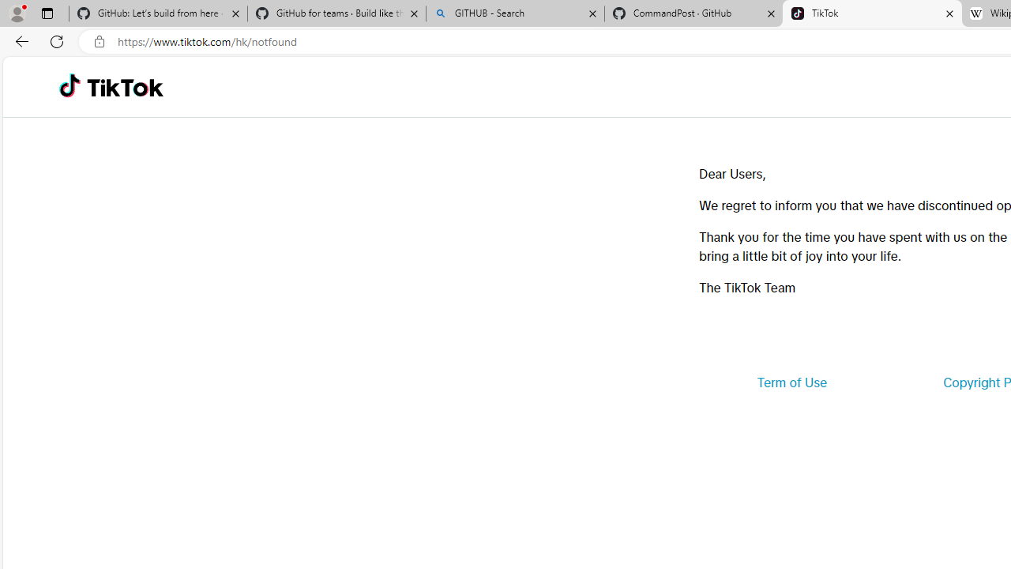 The height and width of the screenshot is (569, 1011). I want to click on 'GITHUB - Search', so click(515, 13).